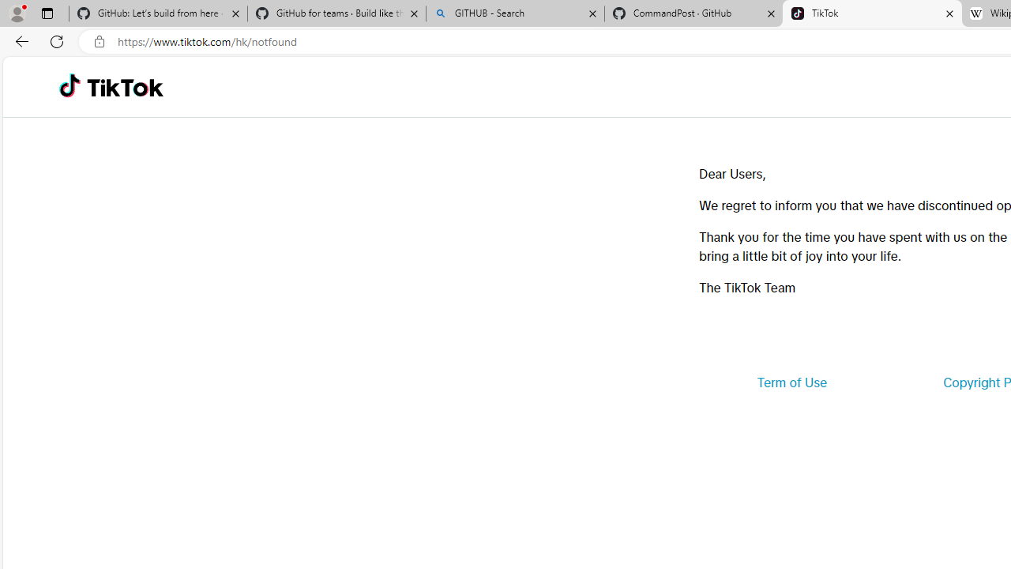 The height and width of the screenshot is (569, 1011). I want to click on 'GITHUB - Search', so click(515, 13).